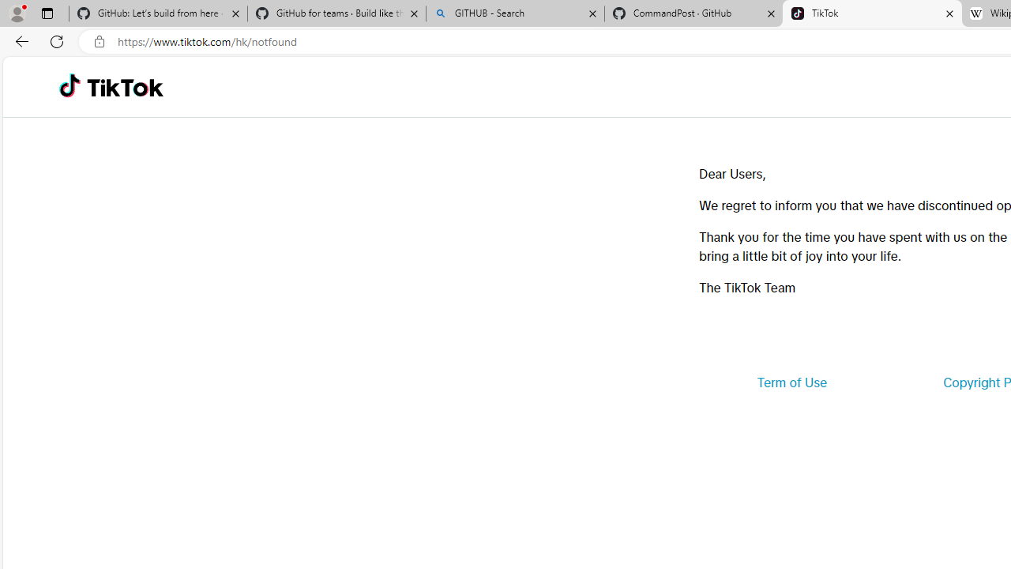 The height and width of the screenshot is (569, 1011). I want to click on 'GITHUB - Search', so click(515, 13).